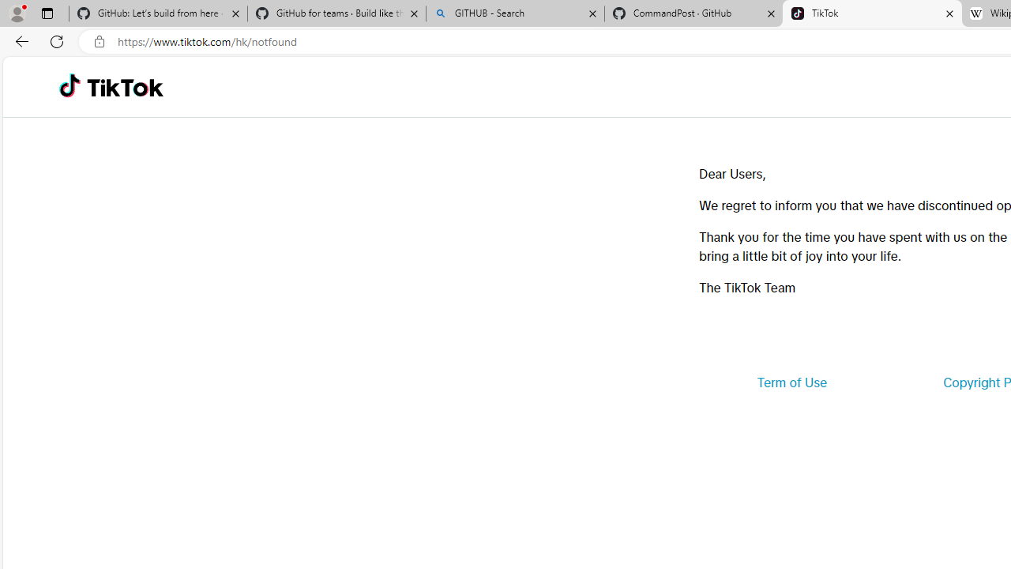 The height and width of the screenshot is (569, 1011). I want to click on 'GITHUB - Search', so click(515, 13).